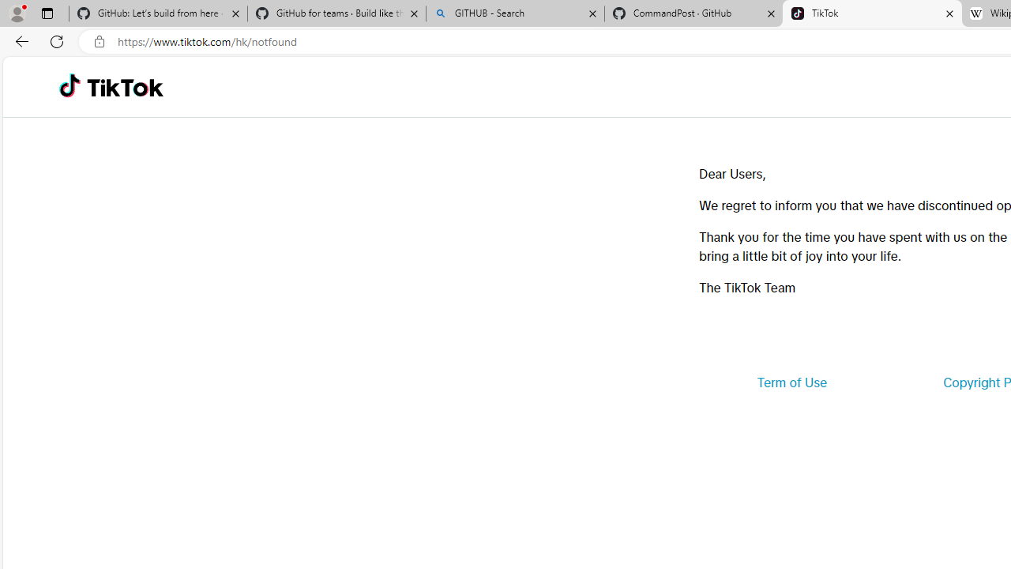 The height and width of the screenshot is (569, 1011). I want to click on 'GITHUB - Search', so click(515, 13).